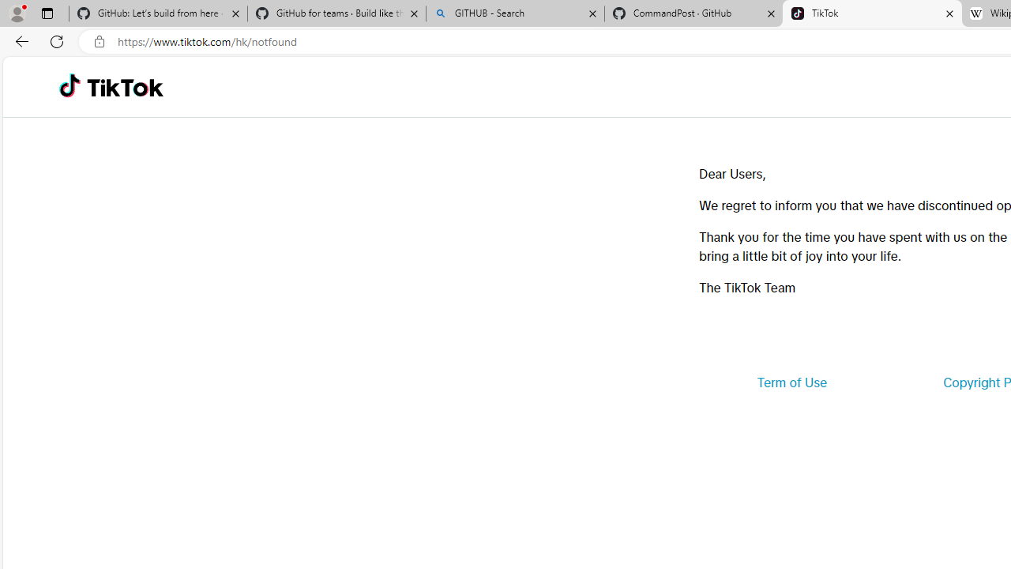 The height and width of the screenshot is (569, 1011). I want to click on 'GITHUB - Search', so click(515, 13).